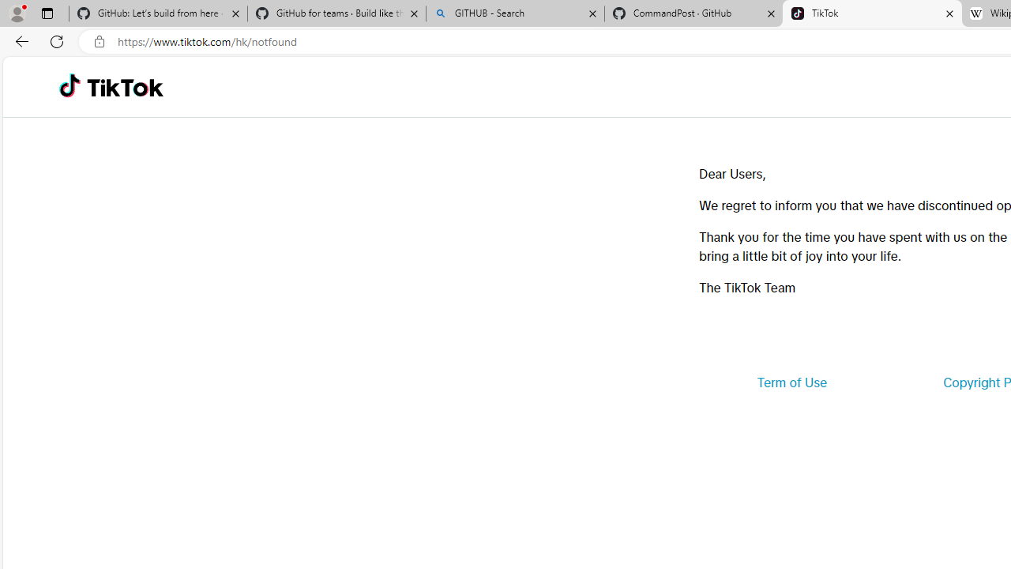 The height and width of the screenshot is (569, 1011). I want to click on 'GITHUB - Search', so click(515, 13).